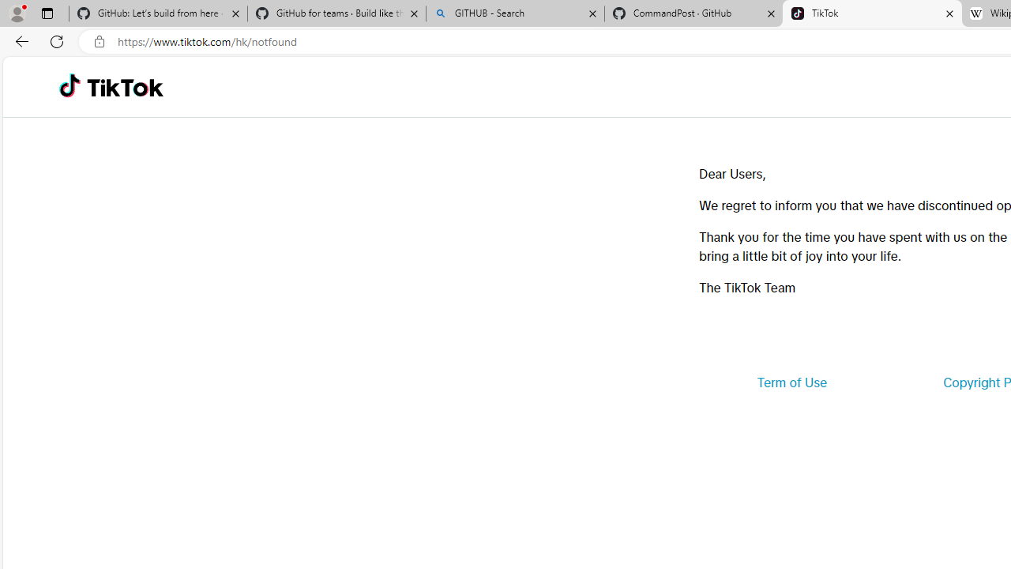 The height and width of the screenshot is (569, 1011). I want to click on 'GITHUB - Search', so click(515, 13).